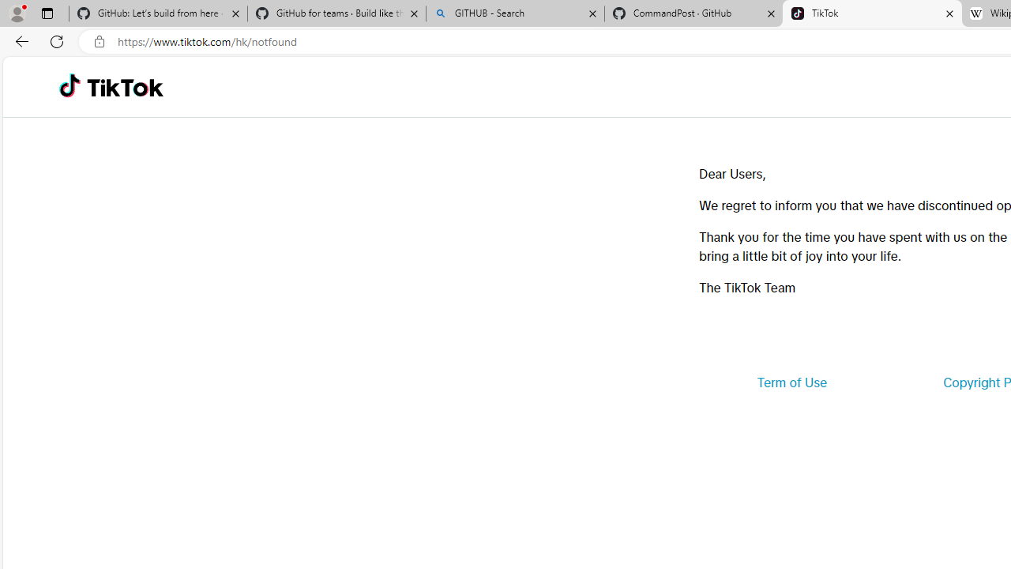 The height and width of the screenshot is (569, 1011). I want to click on 'GITHUB - Search', so click(515, 13).